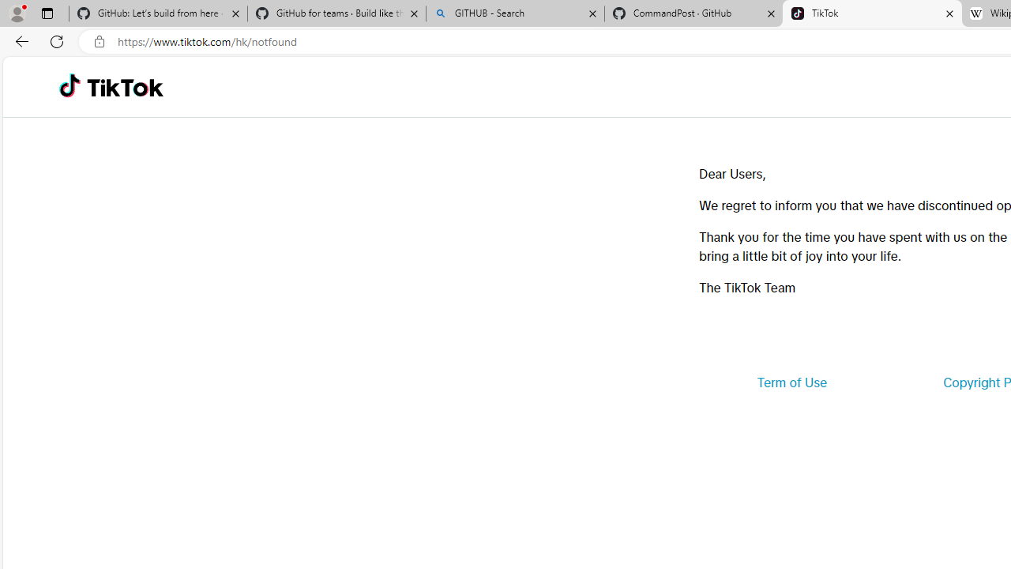 The height and width of the screenshot is (569, 1011). I want to click on 'GITHUB - Search', so click(515, 13).